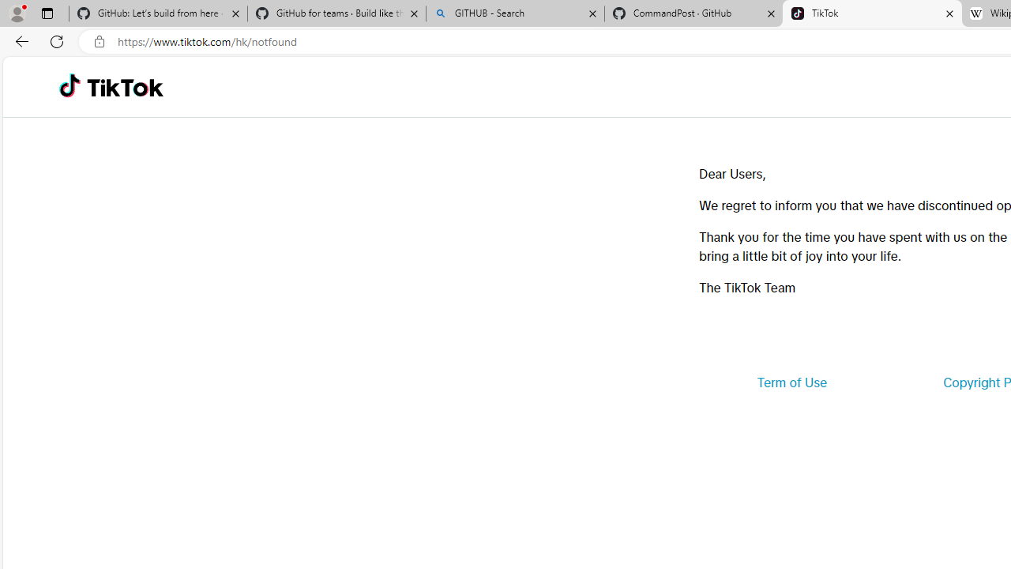 The height and width of the screenshot is (569, 1011). I want to click on 'GITHUB - Search', so click(515, 13).